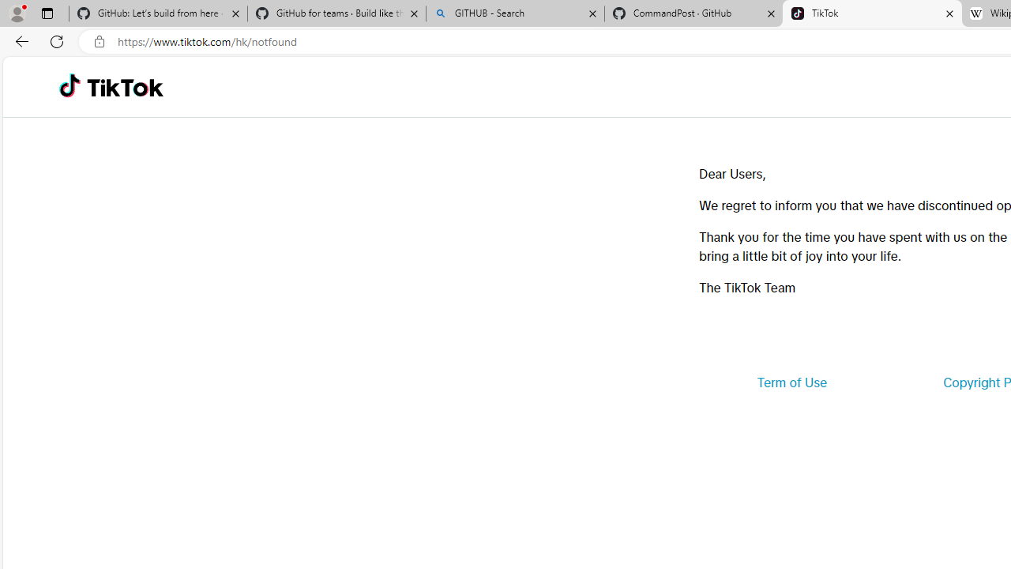 The height and width of the screenshot is (569, 1011). I want to click on 'GITHUB - Search', so click(515, 13).